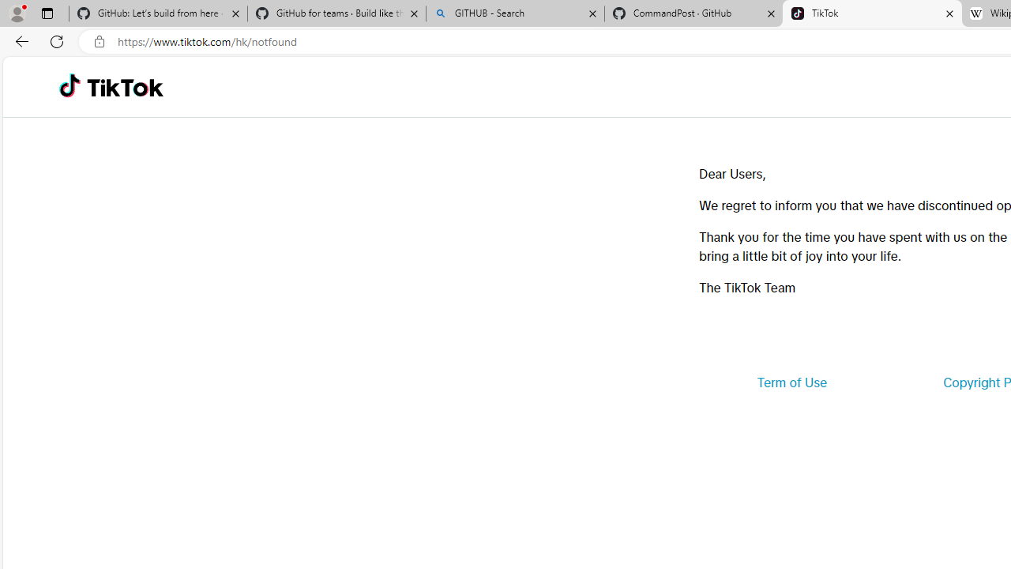 The height and width of the screenshot is (569, 1011). I want to click on 'GITHUB - Search', so click(515, 13).